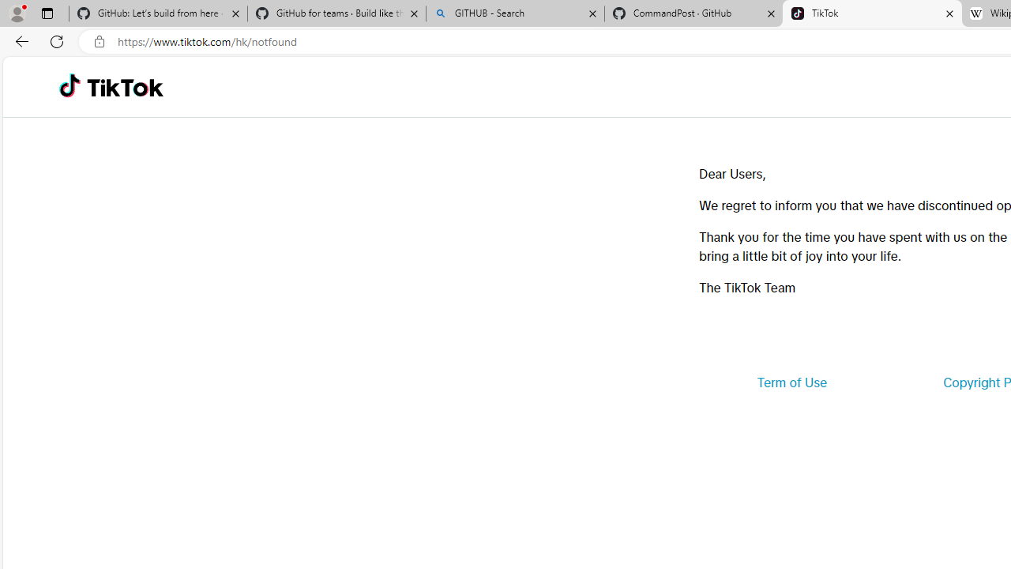 The height and width of the screenshot is (569, 1011). I want to click on 'GITHUB - Search', so click(515, 13).